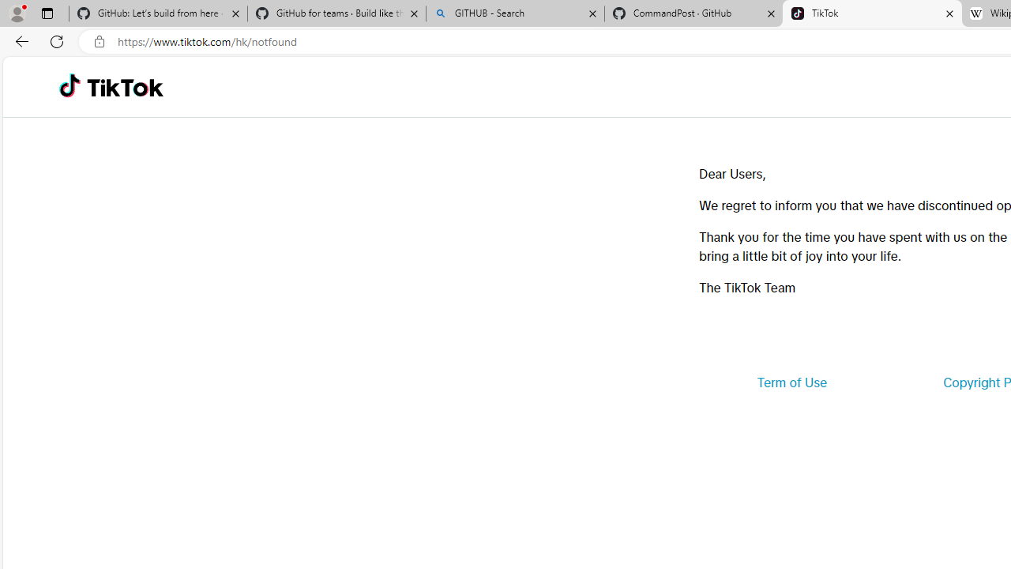 The height and width of the screenshot is (569, 1011). I want to click on 'GITHUB - Search', so click(515, 13).